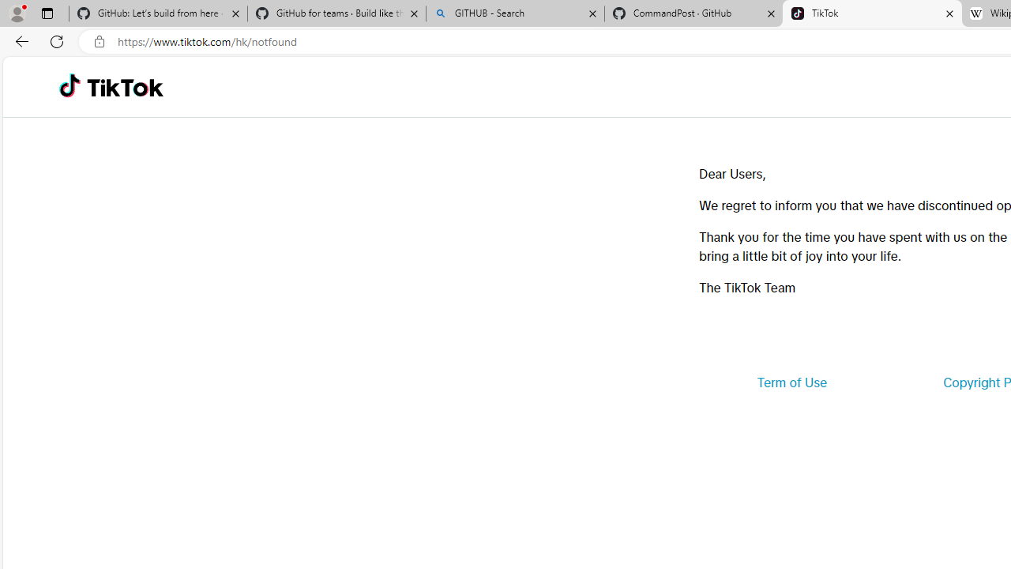 The height and width of the screenshot is (569, 1011). I want to click on 'GITHUB - Search', so click(515, 13).